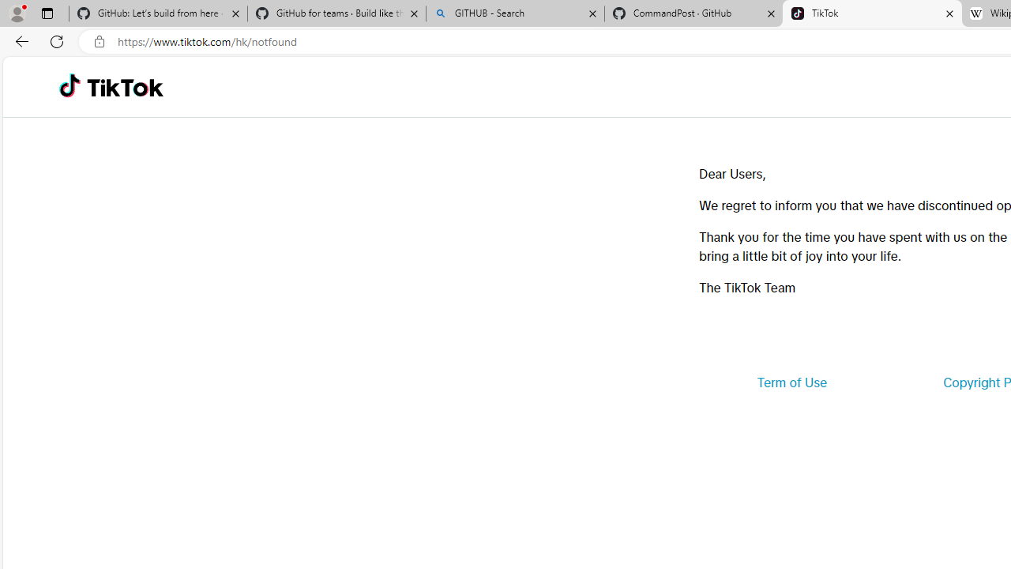 The height and width of the screenshot is (569, 1011). I want to click on 'GITHUB - Search', so click(515, 13).